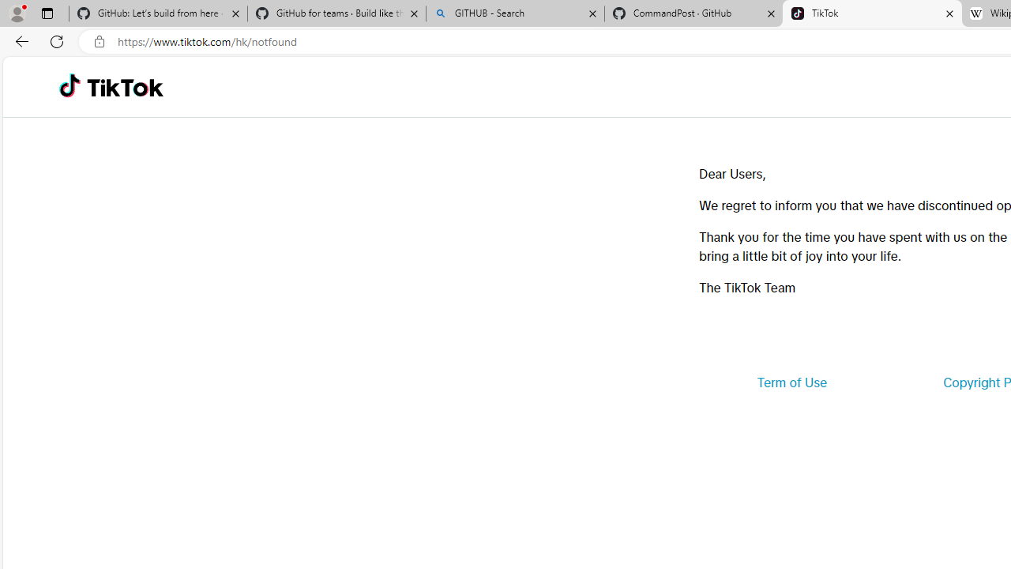 The height and width of the screenshot is (569, 1011). I want to click on 'GITHUB - Search', so click(515, 13).